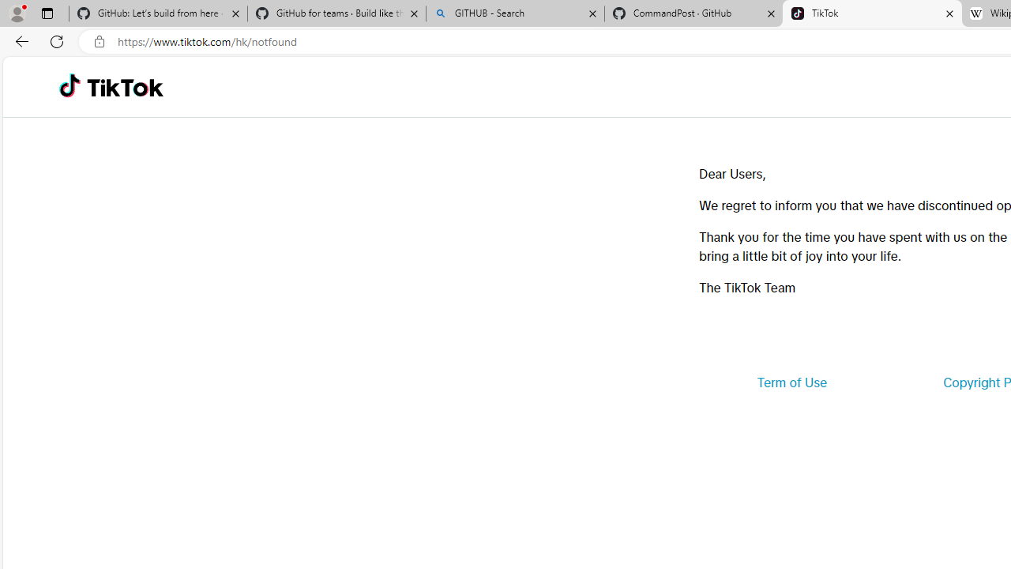 The height and width of the screenshot is (569, 1011). I want to click on 'GITHUB - Search', so click(515, 13).